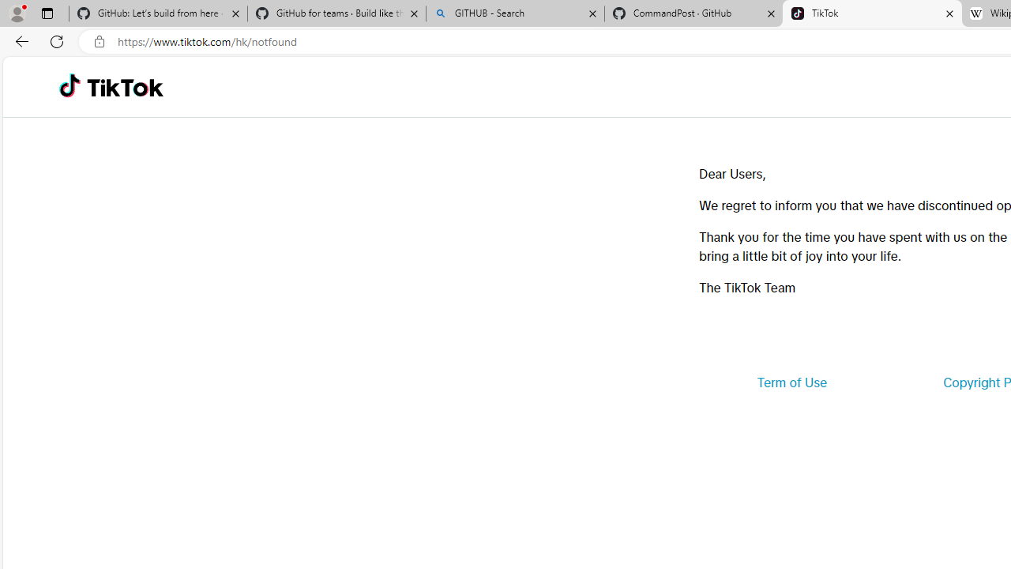 The height and width of the screenshot is (569, 1011). I want to click on 'GITHUB - Search', so click(515, 13).